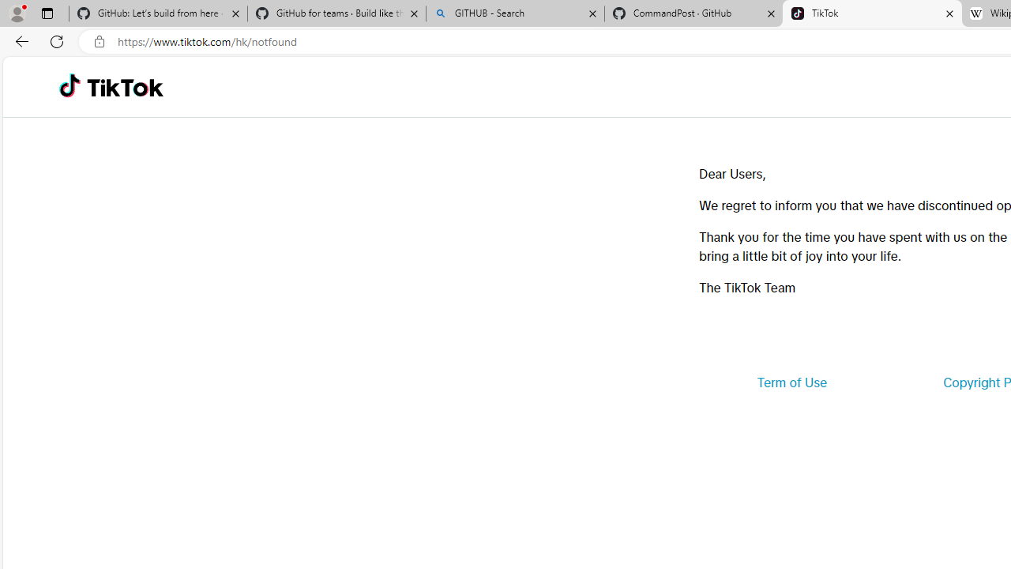 The height and width of the screenshot is (569, 1011). I want to click on 'GITHUB - Search', so click(515, 13).